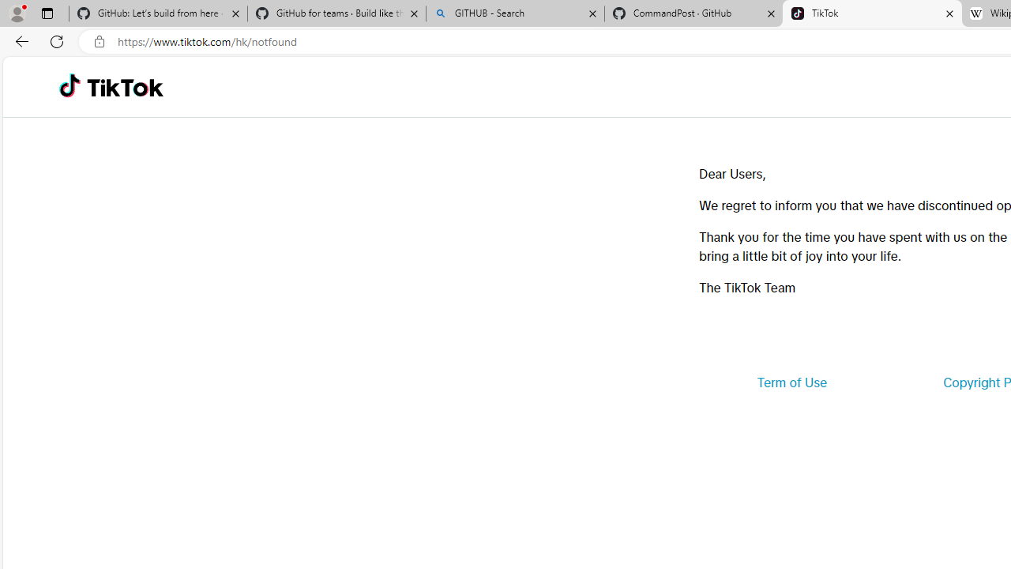 The height and width of the screenshot is (569, 1011). I want to click on 'GITHUB - Search', so click(515, 13).